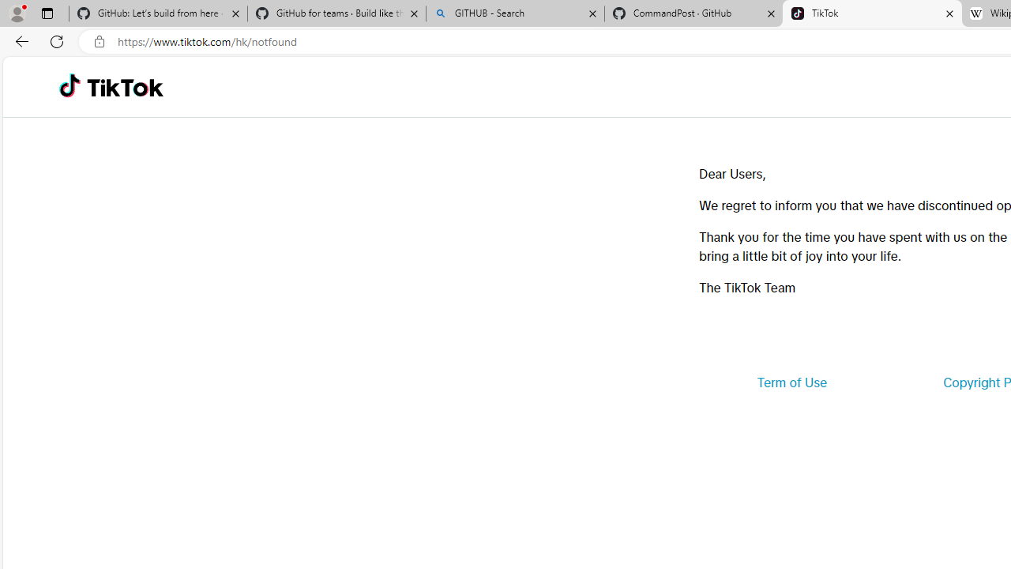 The height and width of the screenshot is (569, 1011). I want to click on 'GITHUB - Search', so click(515, 13).